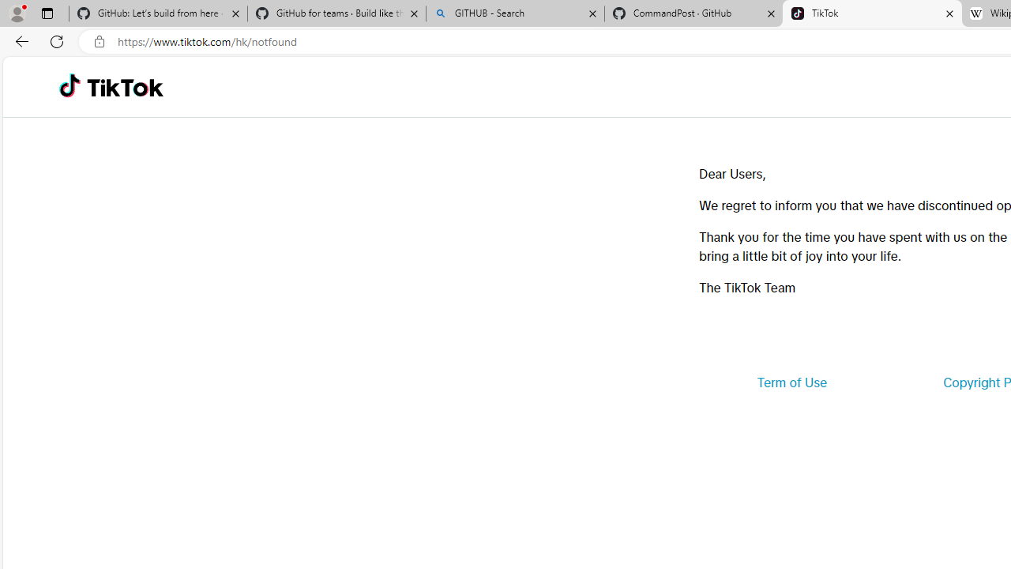 The height and width of the screenshot is (569, 1011). I want to click on 'GITHUB - Search', so click(515, 13).